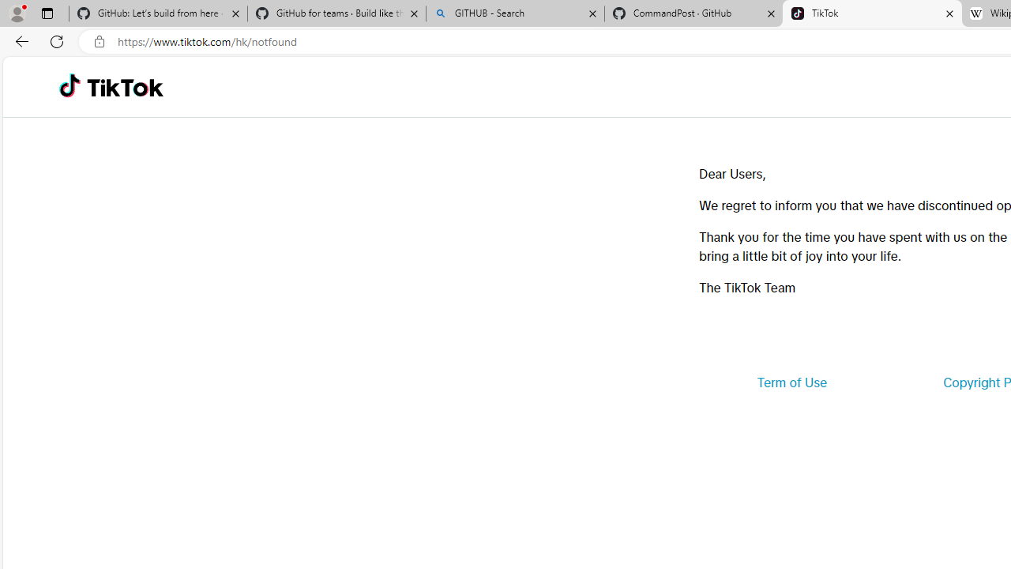 The height and width of the screenshot is (569, 1011). I want to click on 'GITHUB - Search', so click(515, 13).